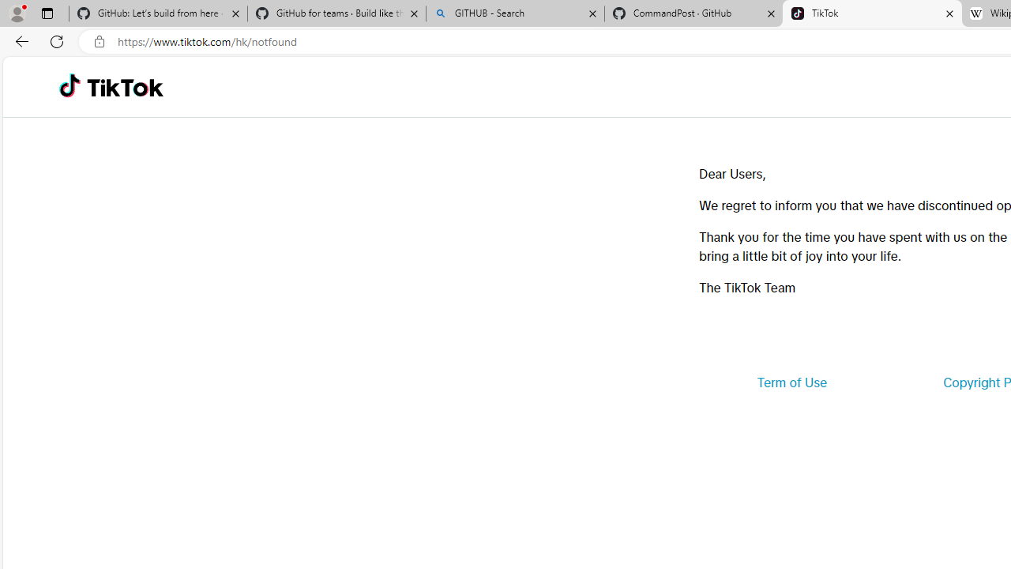 The height and width of the screenshot is (569, 1011). I want to click on 'GITHUB - Search', so click(515, 13).